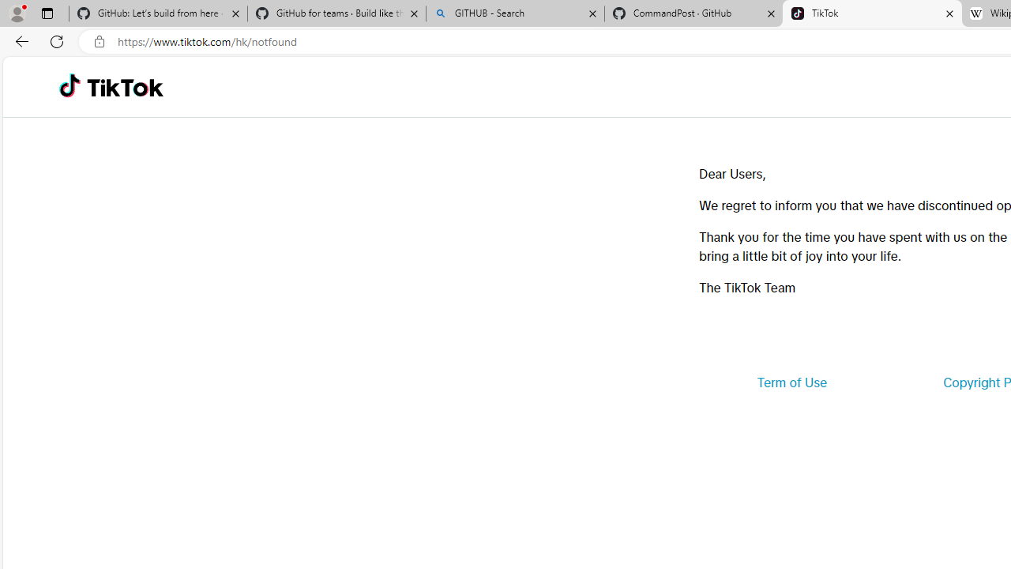 The height and width of the screenshot is (569, 1011). I want to click on 'GITHUB - Search', so click(515, 13).